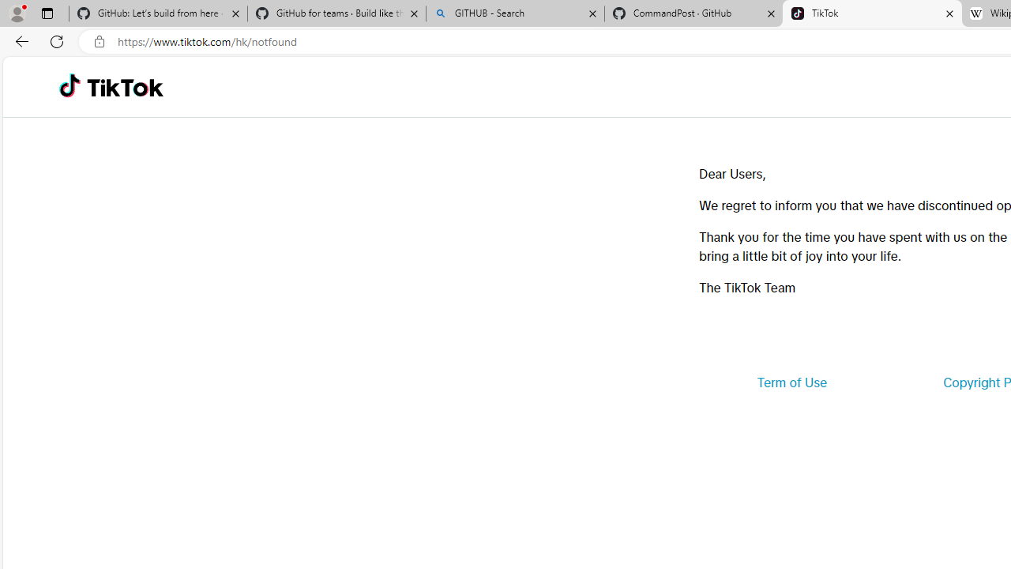 The height and width of the screenshot is (569, 1011). I want to click on 'GITHUB - Search', so click(515, 13).